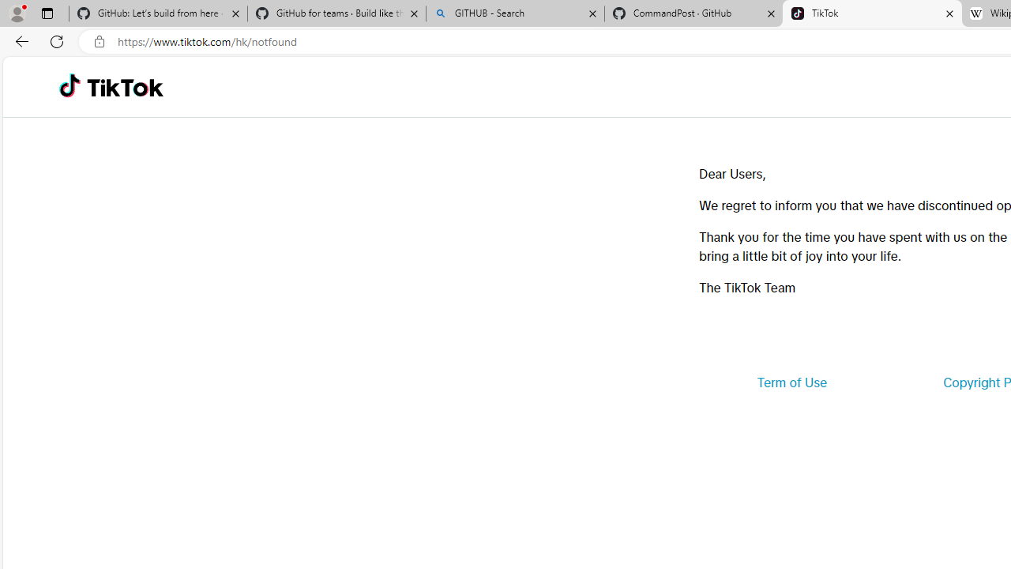 The height and width of the screenshot is (569, 1011). I want to click on 'GITHUB - Search', so click(515, 13).